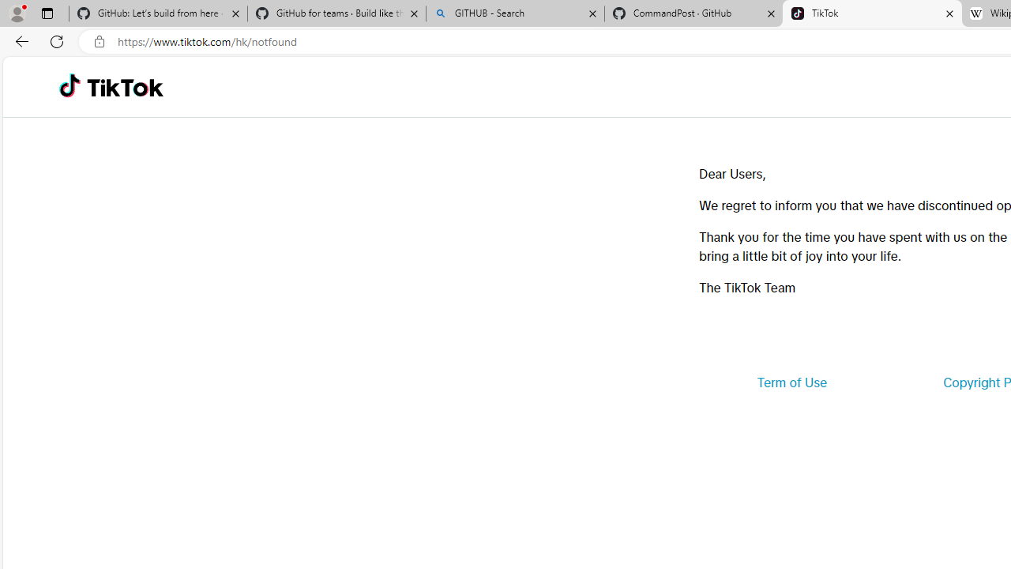 The height and width of the screenshot is (569, 1011). I want to click on 'GITHUB - Search', so click(515, 13).